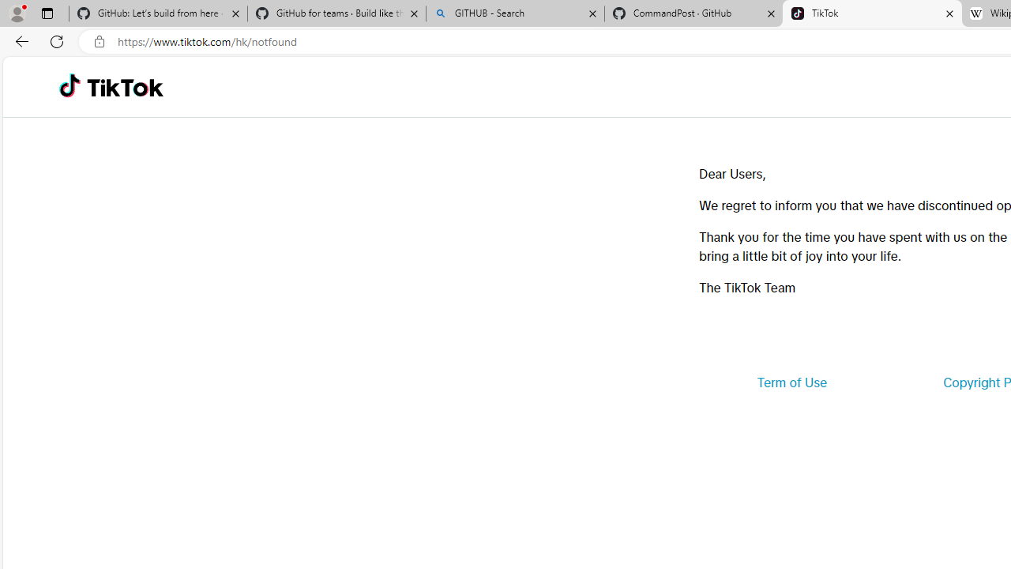 The height and width of the screenshot is (569, 1011). I want to click on 'GITHUB - Search', so click(515, 13).